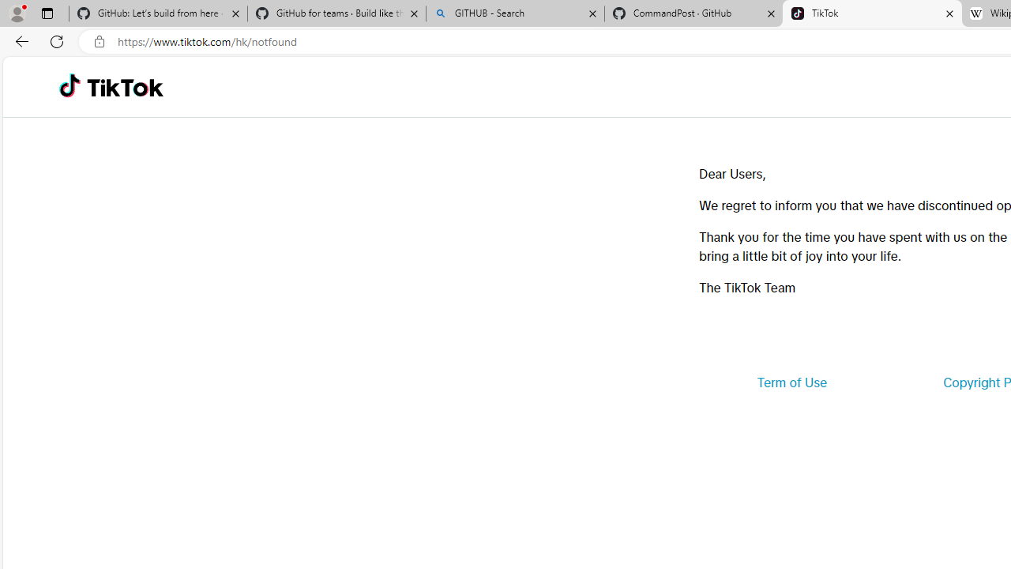 The height and width of the screenshot is (569, 1011). I want to click on 'GITHUB - Search', so click(515, 13).